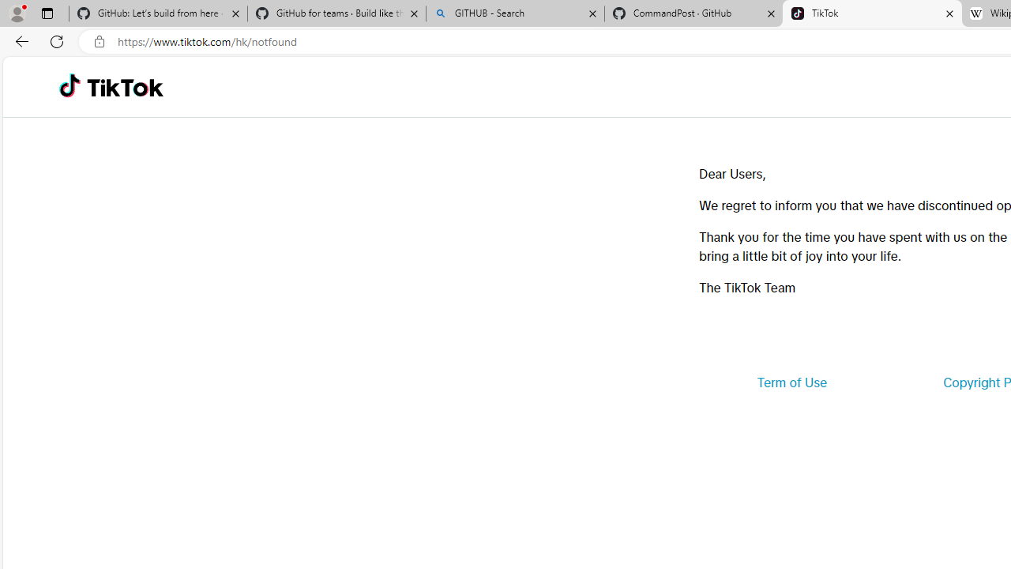 The height and width of the screenshot is (569, 1011). I want to click on 'GITHUB - Search', so click(515, 13).